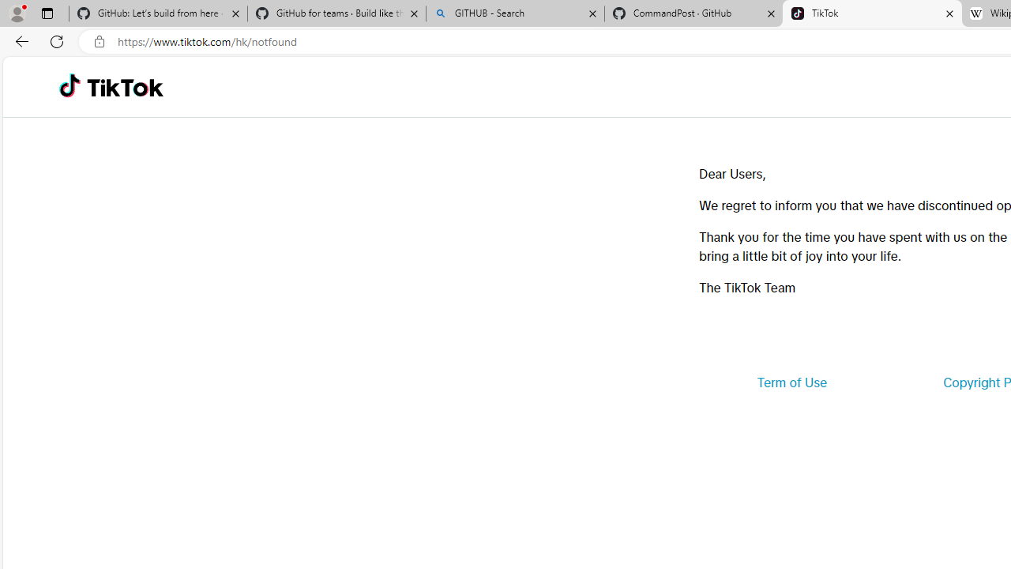 The height and width of the screenshot is (569, 1011). I want to click on 'GITHUB - Search', so click(515, 13).